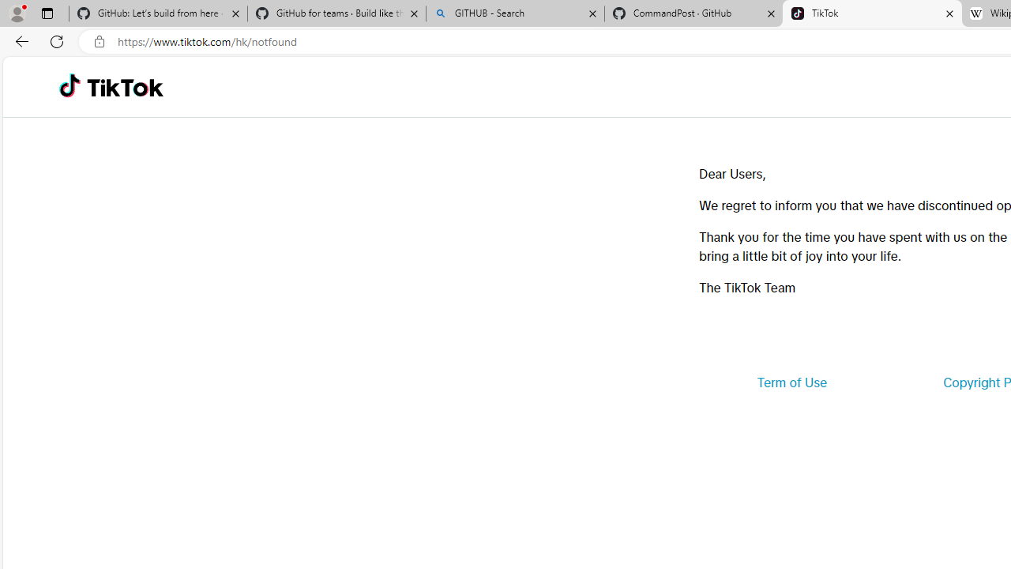 The height and width of the screenshot is (569, 1011). I want to click on 'GITHUB - Search', so click(515, 13).